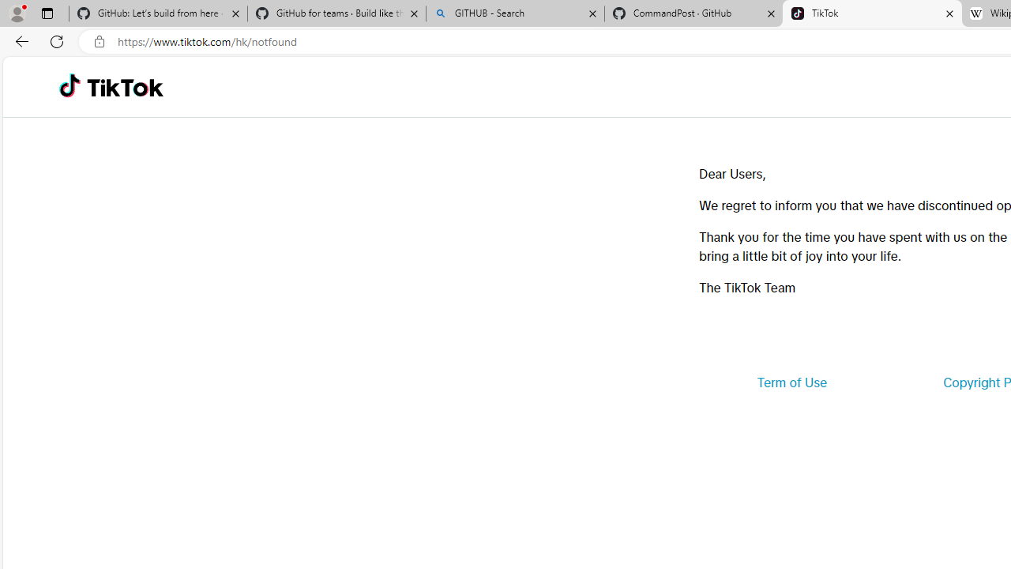 The height and width of the screenshot is (569, 1011). I want to click on 'GITHUB - Search', so click(515, 13).